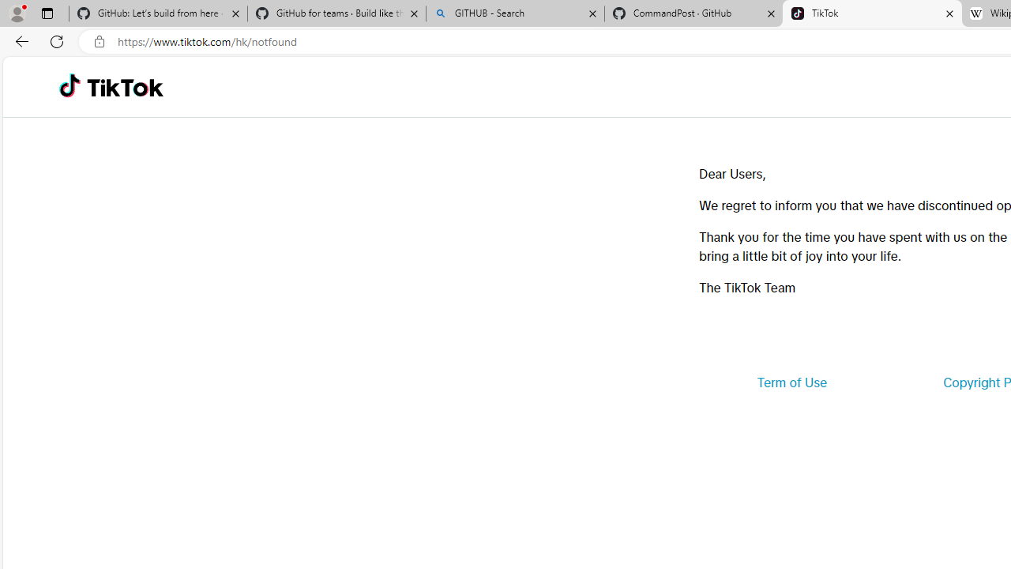 The height and width of the screenshot is (569, 1011). I want to click on 'GITHUB - Search', so click(515, 13).